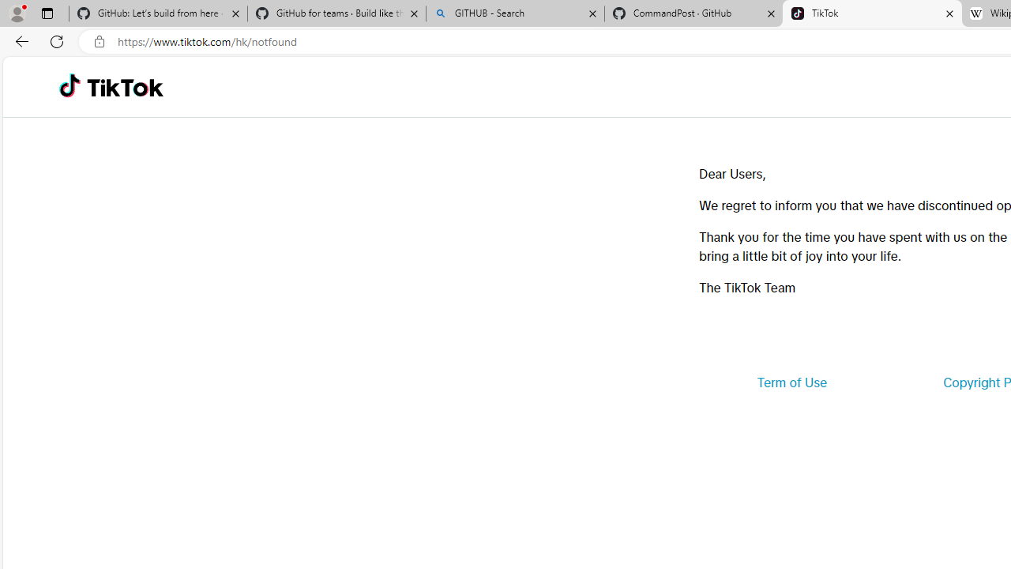 The height and width of the screenshot is (569, 1011). I want to click on 'GITHUB - Search', so click(515, 13).